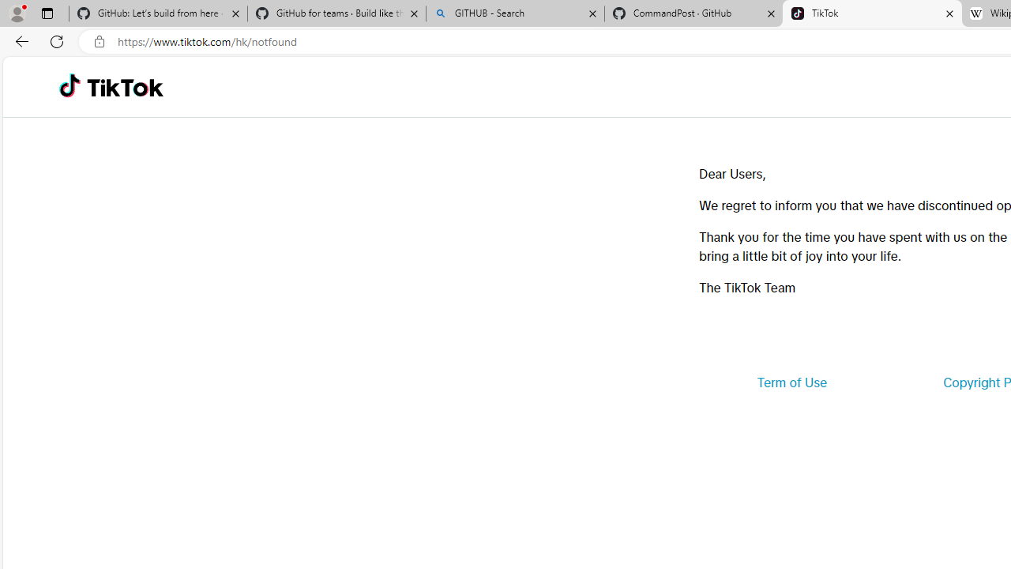 The height and width of the screenshot is (569, 1011). I want to click on 'GITHUB - Search', so click(515, 13).